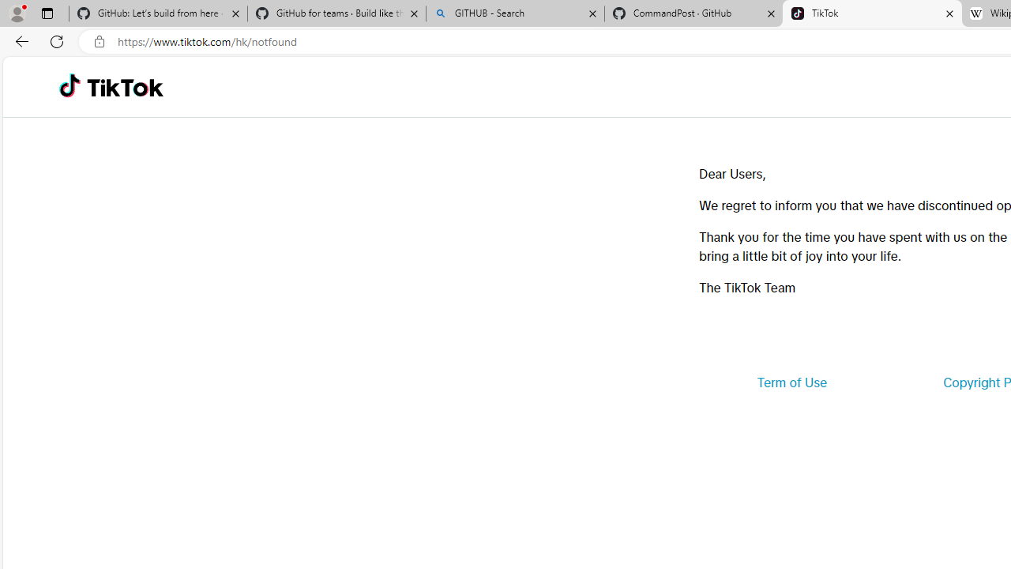 The height and width of the screenshot is (569, 1011). I want to click on 'GITHUB - Search', so click(515, 13).